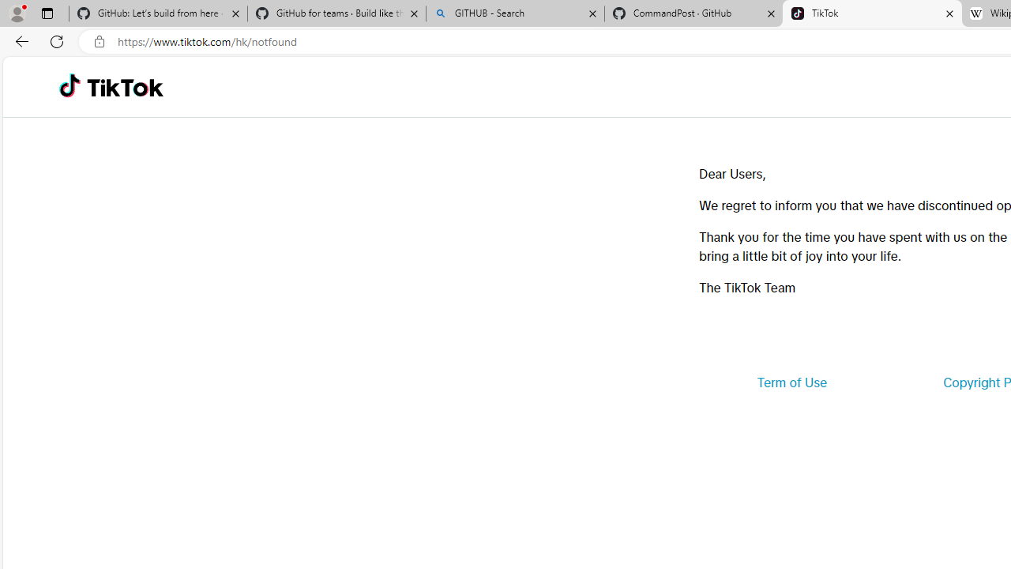 The height and width of the screenshot is (569, 1011). I want to click on 'GITHUB - Search', so click(515, 13).